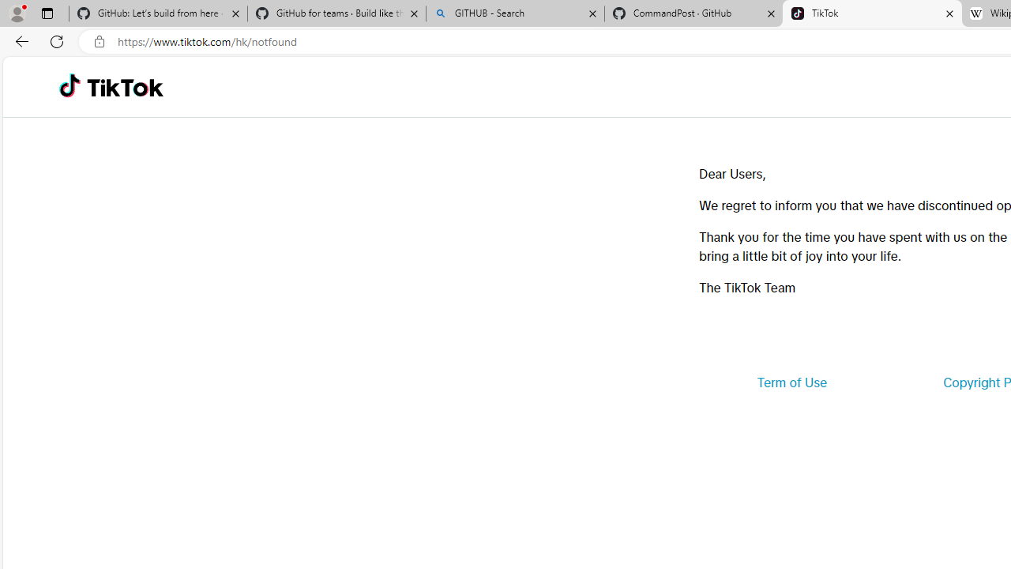 The height and width of the screenshot is (569, 1011). I want to click on 'GITHUB - Search', so click(515, 13).